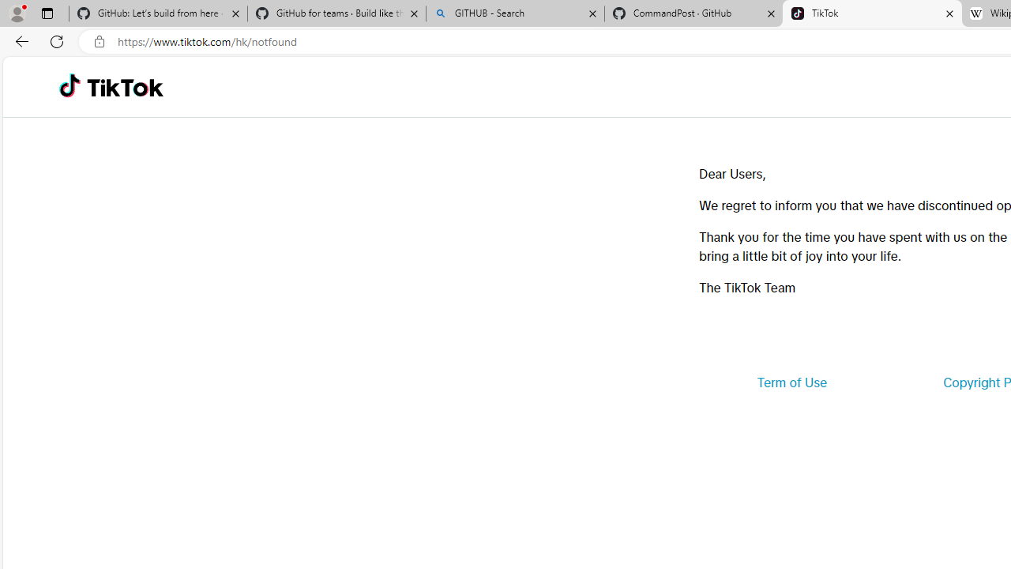 The height and width of the screenshot is (569, 1011). I want to click on 'GITHUB - Search', so click(515, 13).